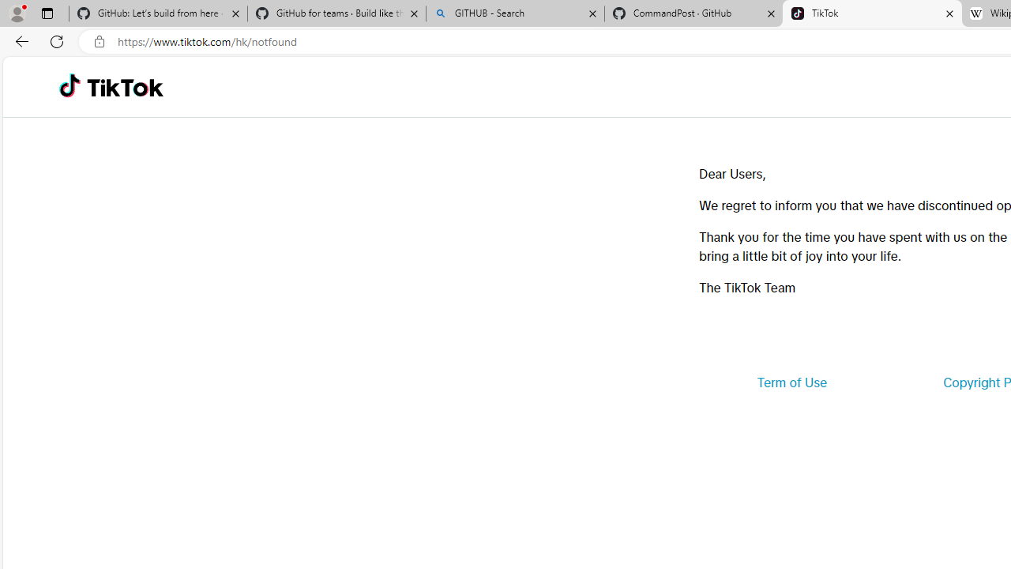 The height and width of the screenshot is (569, 1011). I want to click on 'GITHUB - Search', so click(515, 13).